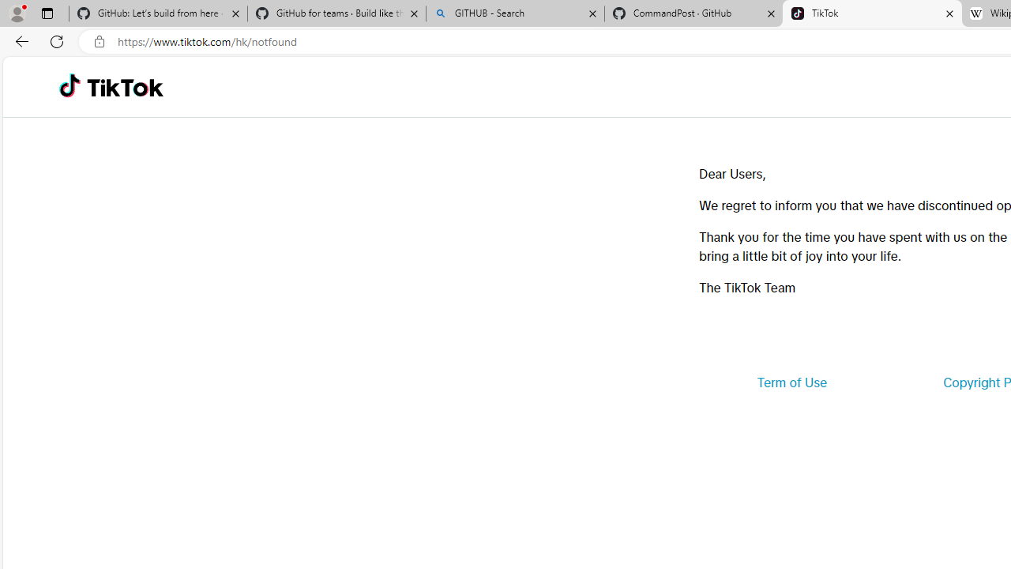 The height and width of the screenshot is (569, 1011). I want to click on 'GITHUB - Search', so click(515, 13).